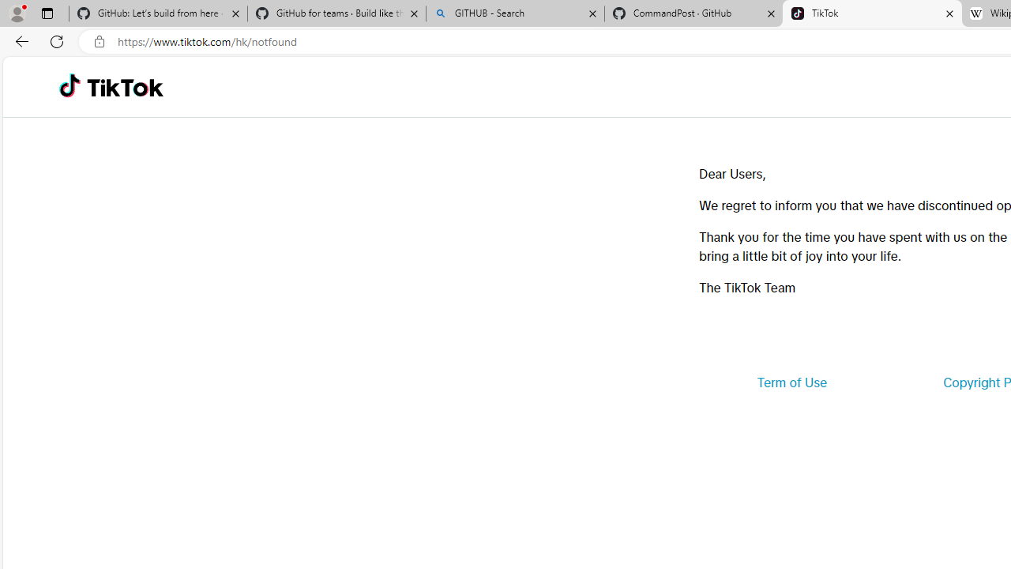 The height and width of the screenshot is (569, 1011). I want to click on 'GITHUB - Search', so click(515, 13).